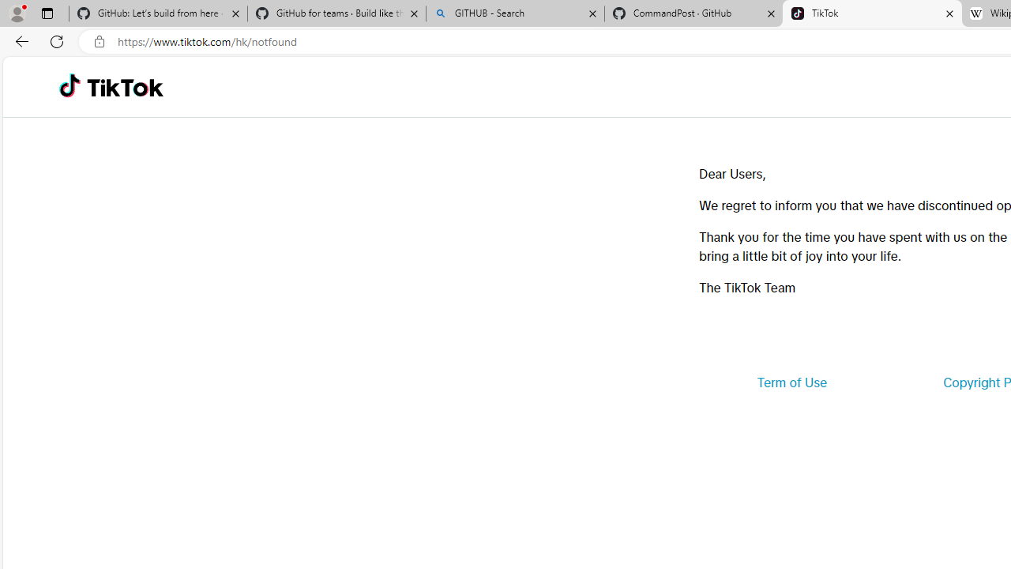 The height and width of the screenshot is (569, 1011). I want to click on 'GITHUB - Search', so click(515, 13).